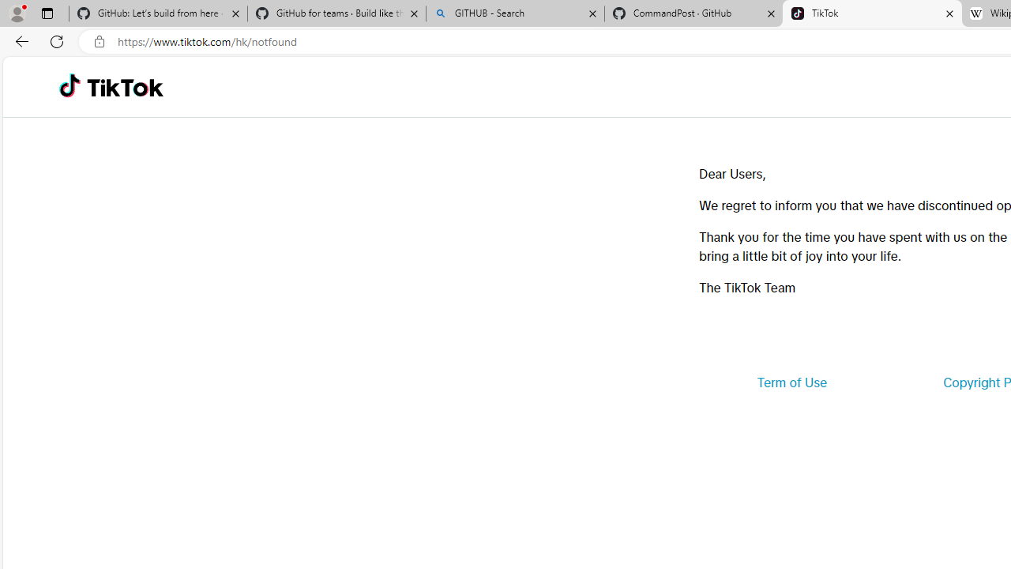 The height and width of the screenshot is (569, 1011). I want to click on 'GITHUB - Search', so click(515, 13).